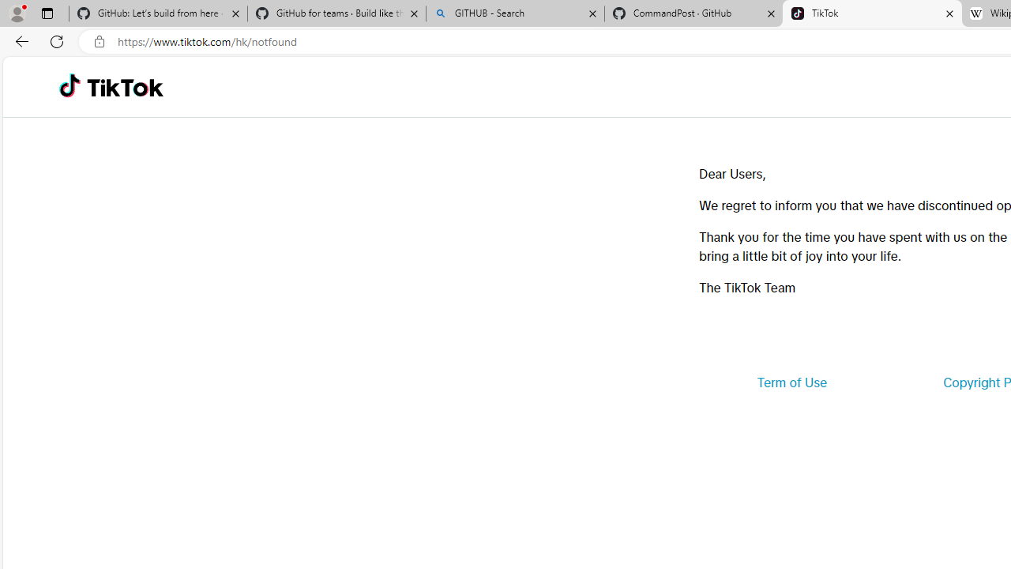 The height and width of the screenshot is (569, 1011). I want to click on 'GITHUB - Search', so click(515, 13).